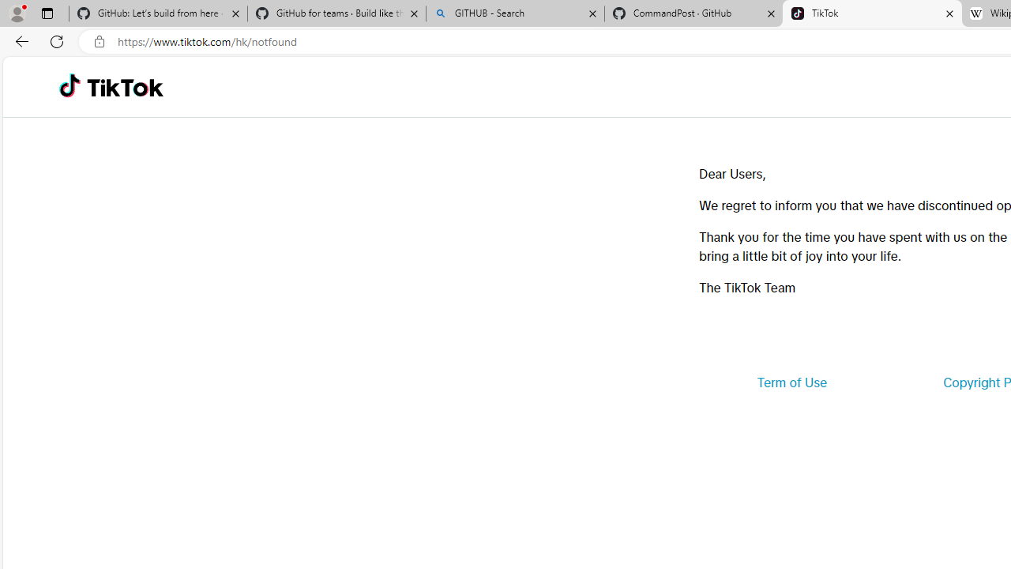 The height and width of the screenshot is (569, 1011). I want to click on 'GITHUB - Search', so click(515, 13).